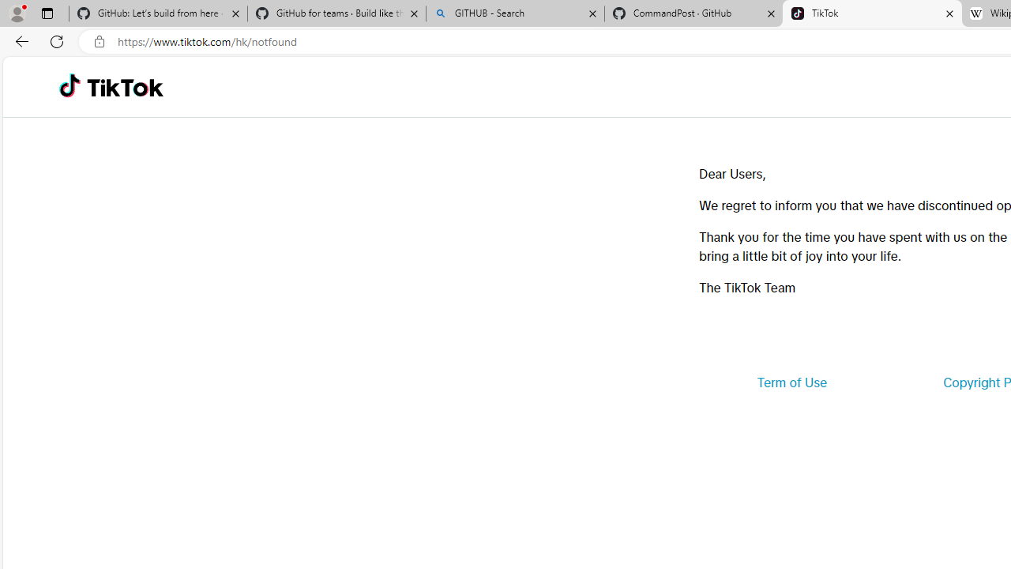 The height and width of the screenshot is (569, 1011). I want to click on 'GITHUB - Search', so click(515, 13).